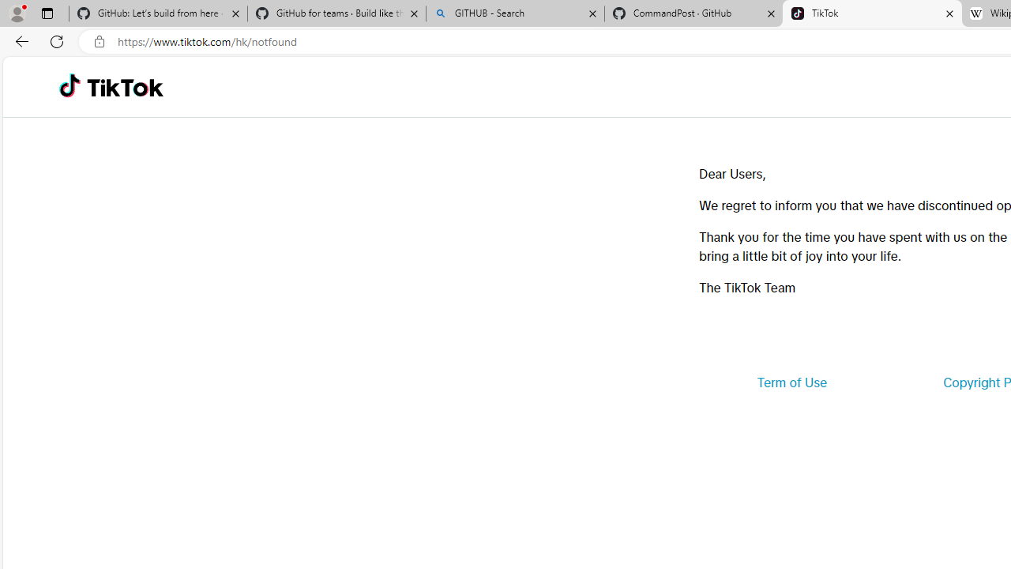 The height and width of the screenshot is (569, 1011). I want to click on 'GITHUB - Search', so click(515, 13).